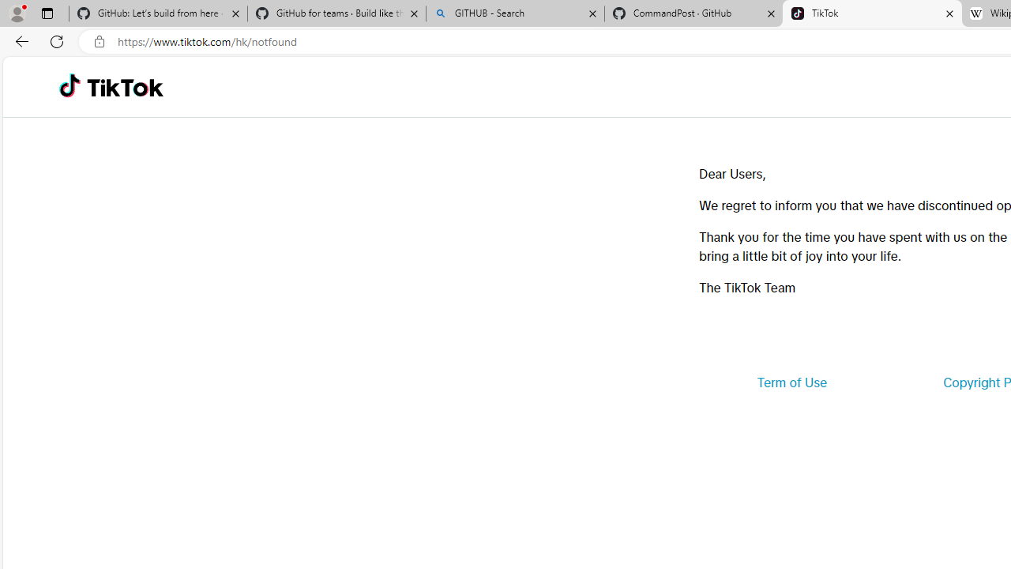 The height and width of the screenshot is (569, 1011). I want to click on 'GITHUB - Search', so click(515, 13).